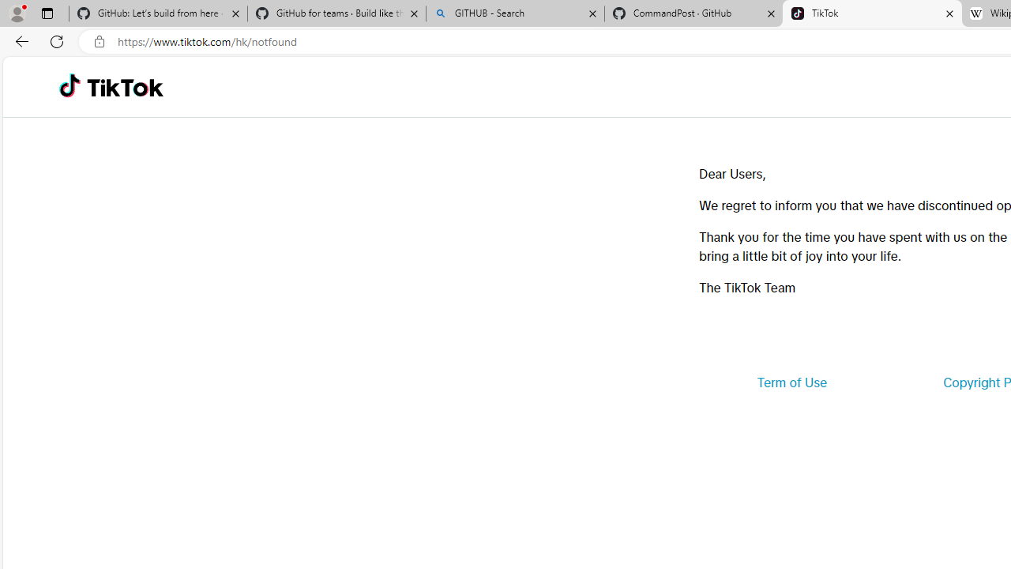 The height and width of the screenshot is (569, 1011). I want to click on 'GITHUB - Search', so click(515, 13).